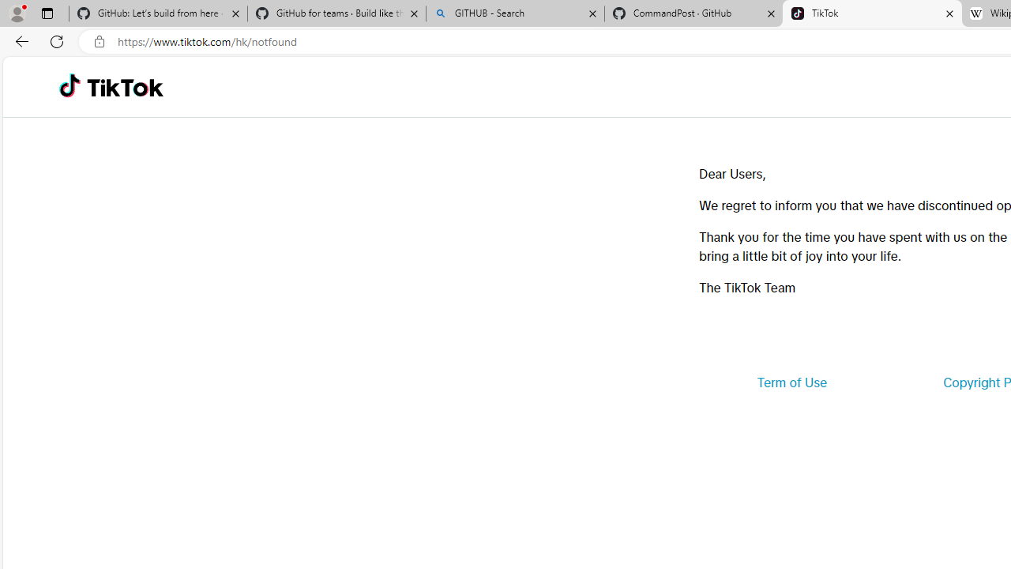 The height and width of the screenshot is (569, 1011). I want to click on 'GITHUB - Search', so click(515, 13).